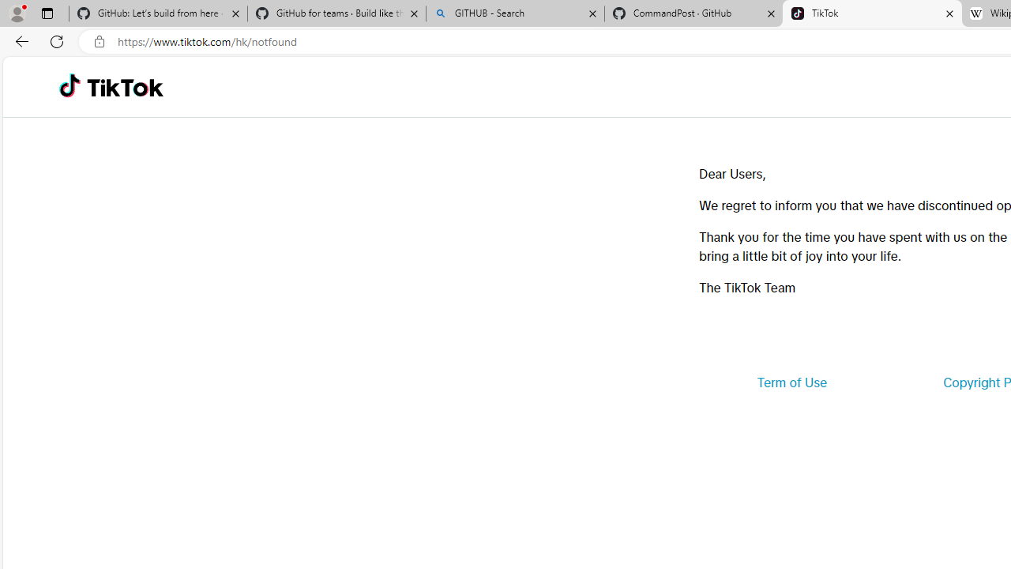 The height and width of the screenshot is (569, 1011). I want to click on 'GITHUB - Search', so click(515, 13).